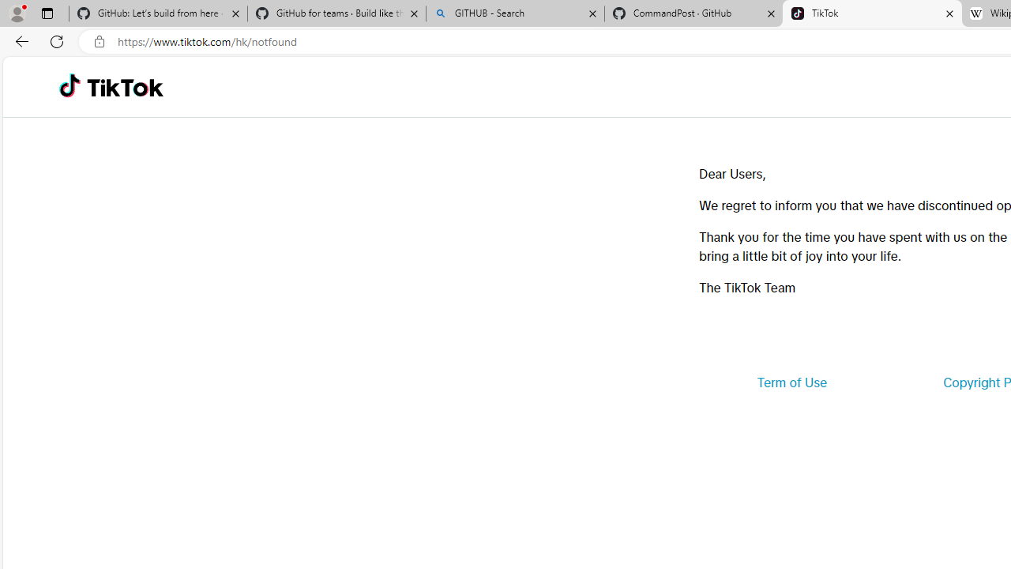 The height and width of the screenshot is (569, 1011). I want to click on 'GITHUB - Search', so click(515, 13).